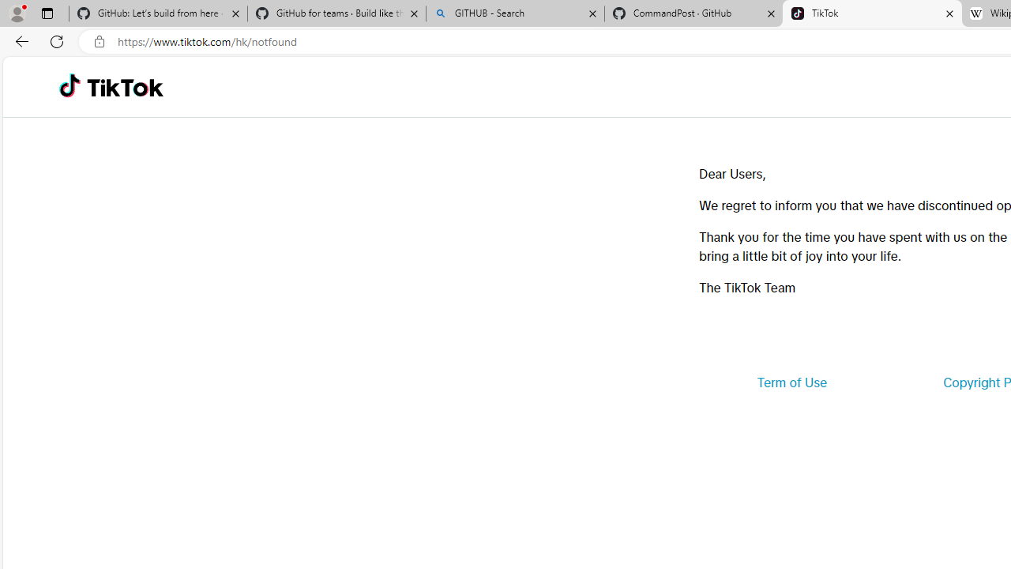 The height and width of the screenshot is (569, 1011). I want to click on 'GITHUB - Search', so click(515, 13).